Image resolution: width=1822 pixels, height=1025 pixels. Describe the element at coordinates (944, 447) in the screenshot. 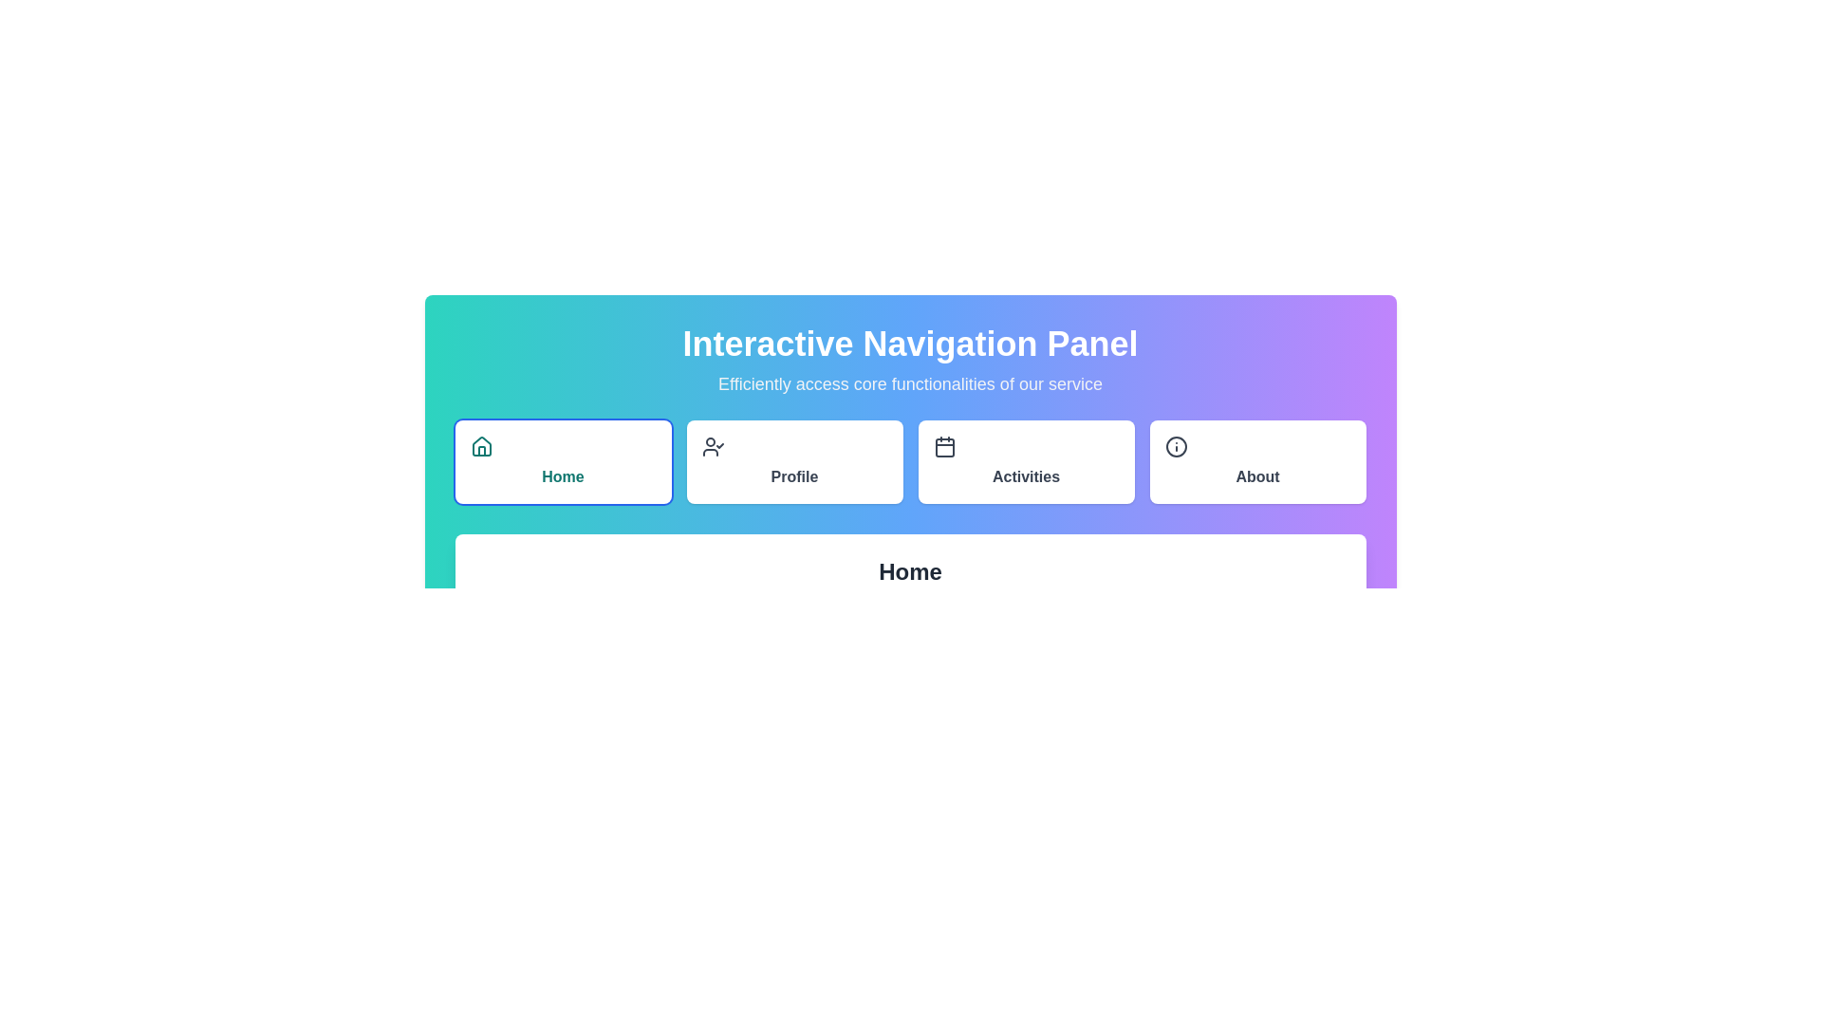

I see `the calendar icon located in the navigation menu, positioned centrally between the 'Profile' and 'About' icons, and above the 'Activities' text` at that location.